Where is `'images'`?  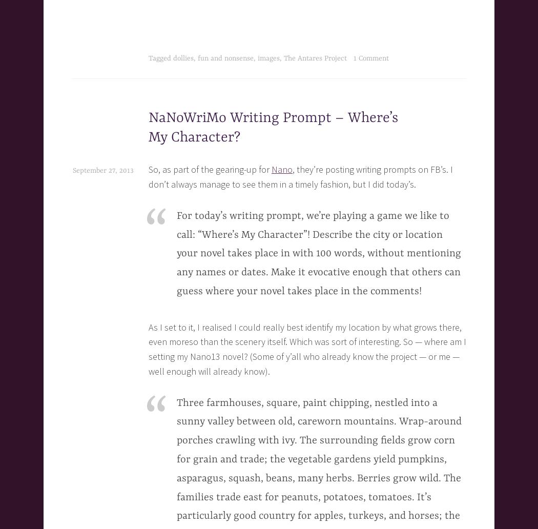 'images' is located at coordinates (268, 58).